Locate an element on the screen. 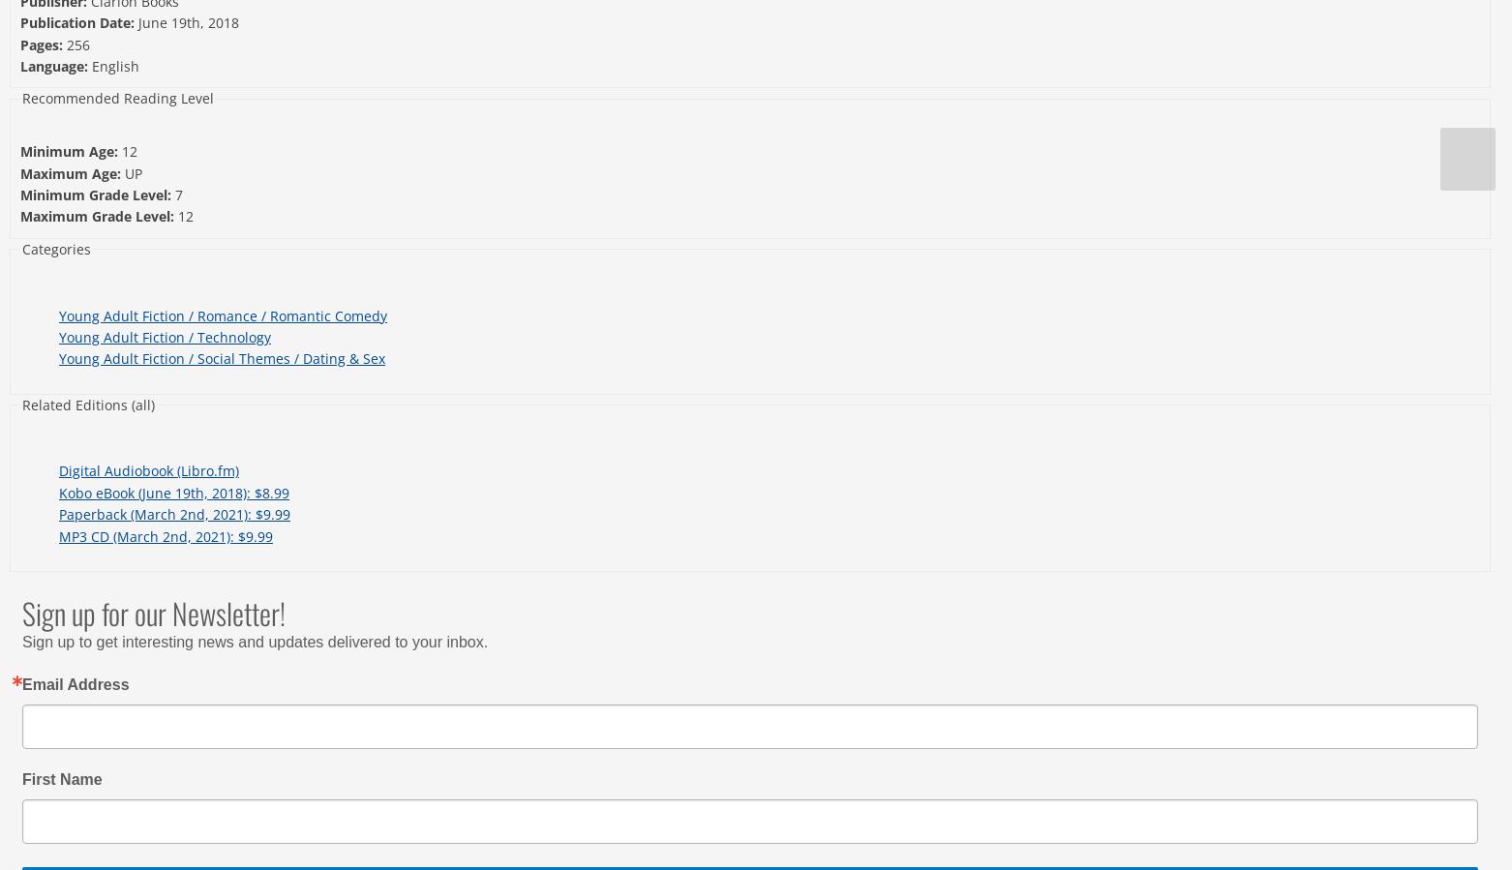 Image resolution: width=1512 pixels, height=870 pixels. 'Email Address' is located at coordinates (21, 683).